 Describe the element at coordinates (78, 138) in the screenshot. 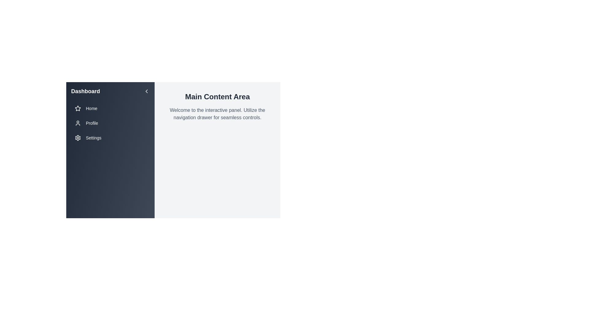

I see `the cogwheel icon in the vertical sidebar next to the 'Settings' text` at that location.